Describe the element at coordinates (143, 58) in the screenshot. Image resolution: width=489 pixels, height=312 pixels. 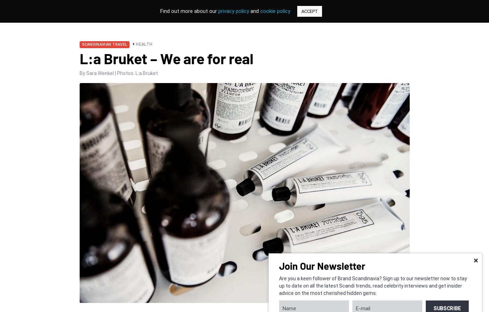
I see `'Golf'` at that location.